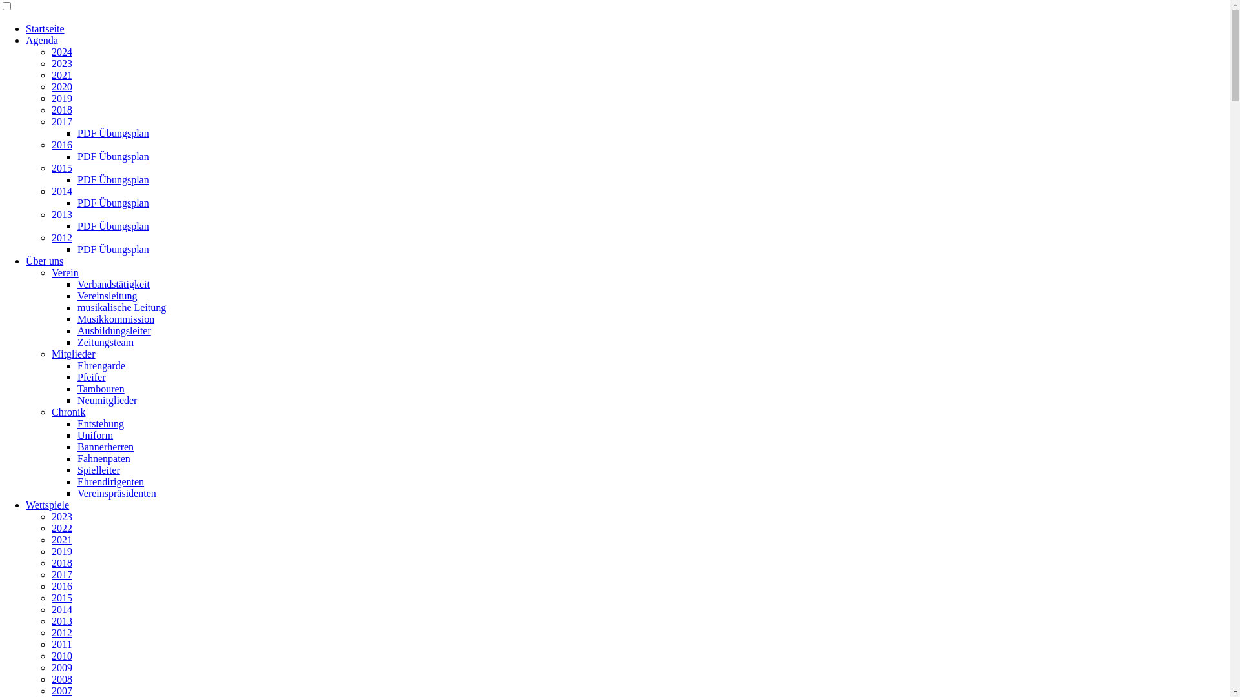 This screenshot has width=1240, height=697. Describe the element at coordinates (107, 296) in the screenshot. I see `'Vereinsleitung'` at that location.